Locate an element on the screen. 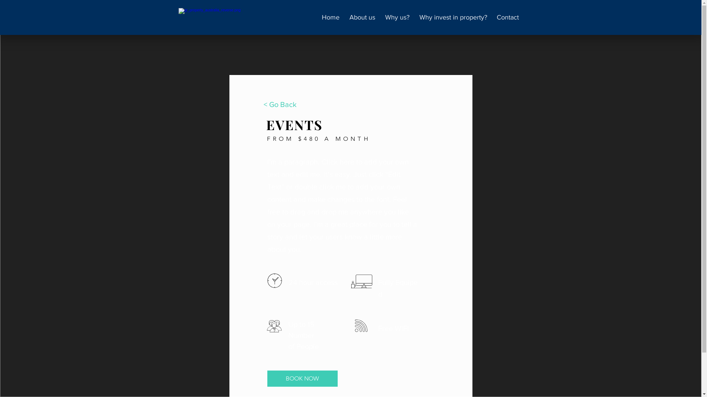 The width and height of the screenshot is (707, 397). 'BOOK NOW' is located at coordinates (302, 378).